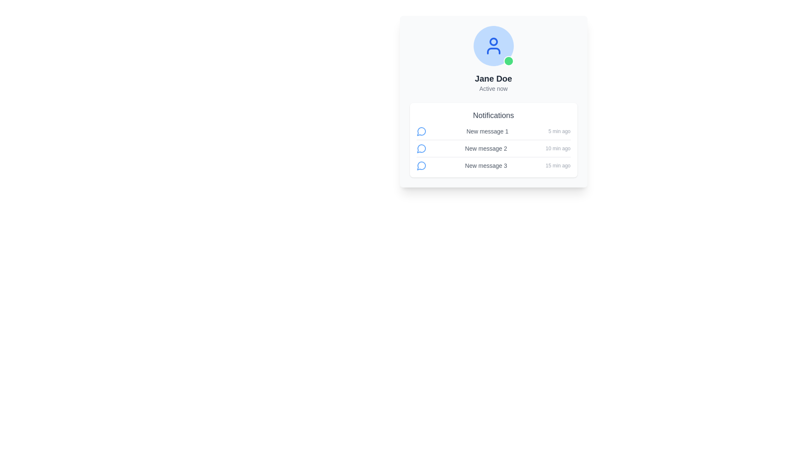 The image size is (804, 452). I want to click on the first Notification List Item that represents a new message, providing information about the sender and the time of the message, so click(493, 133).